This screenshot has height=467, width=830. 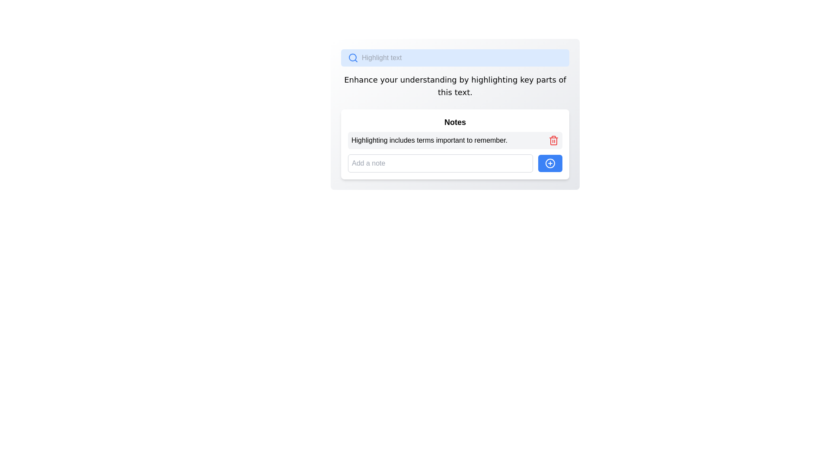 What do you see at coordinates (375, 80) in the screenshot?
I see `the last letter 'e' of the word 'Enhance' in the instructional text, which is part of the string 'Enhance your understanding by highlighting key parts of this text.'` at bounding box center [375, 80].